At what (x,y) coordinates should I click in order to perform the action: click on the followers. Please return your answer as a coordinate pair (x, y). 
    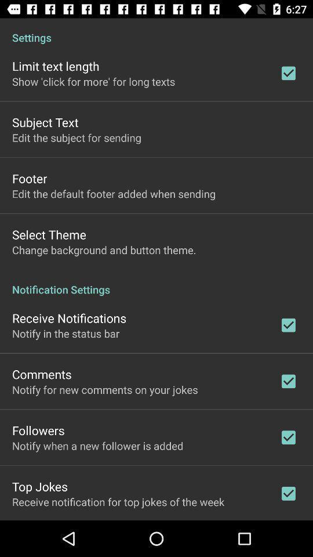
    Looking at the image, I should click on (38, 429).